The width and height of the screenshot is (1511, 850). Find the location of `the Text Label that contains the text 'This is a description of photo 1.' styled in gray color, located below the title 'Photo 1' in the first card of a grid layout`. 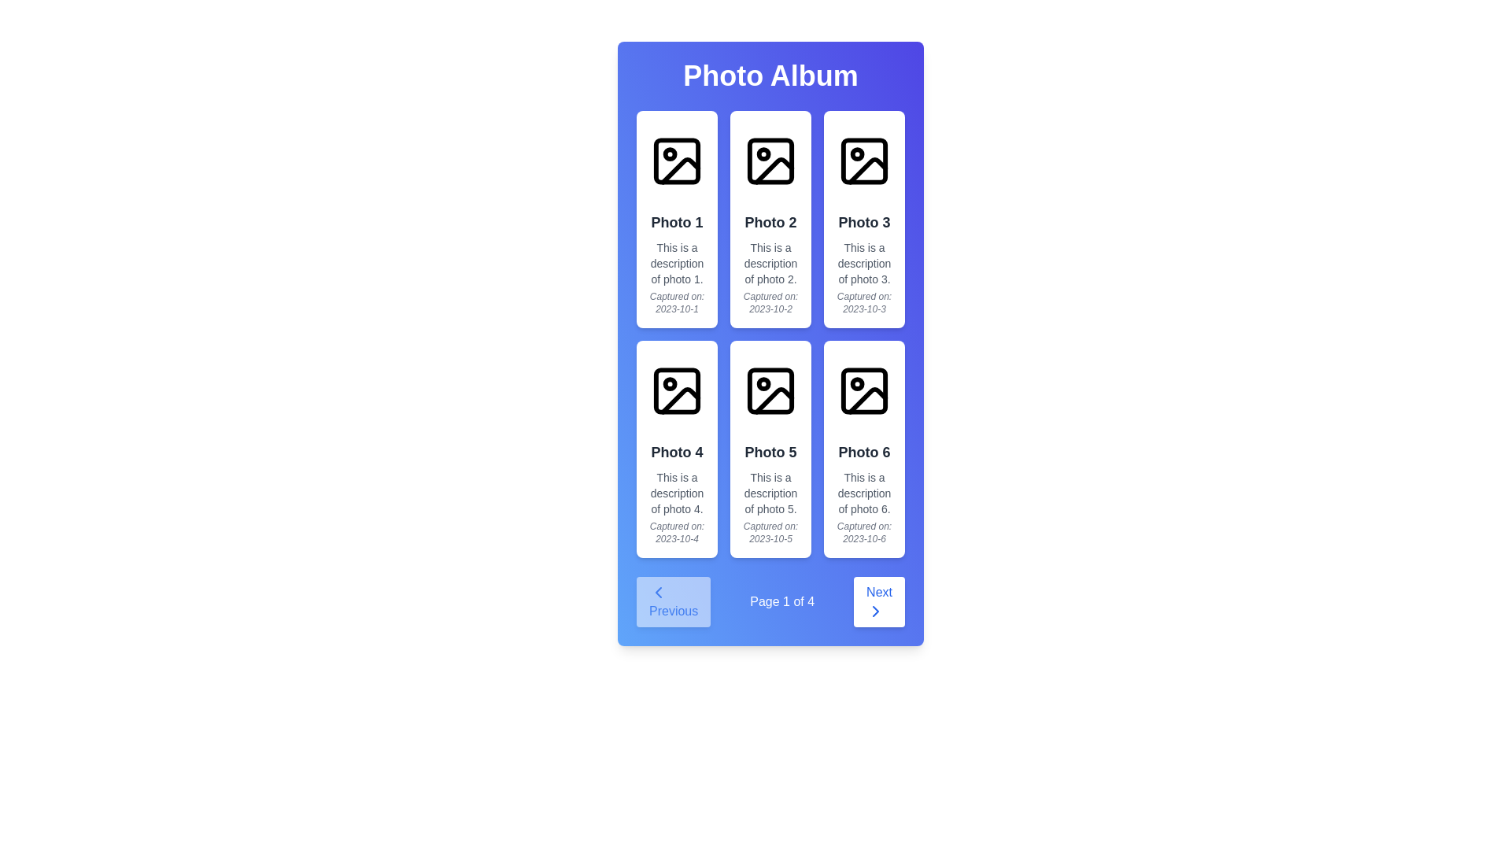

the Text Label that contains the text 'This is a description of photo 1.' styled in gray color, located below the title 'Photo 1' in the first card of a grid layout is located at coordinates (677, 263).